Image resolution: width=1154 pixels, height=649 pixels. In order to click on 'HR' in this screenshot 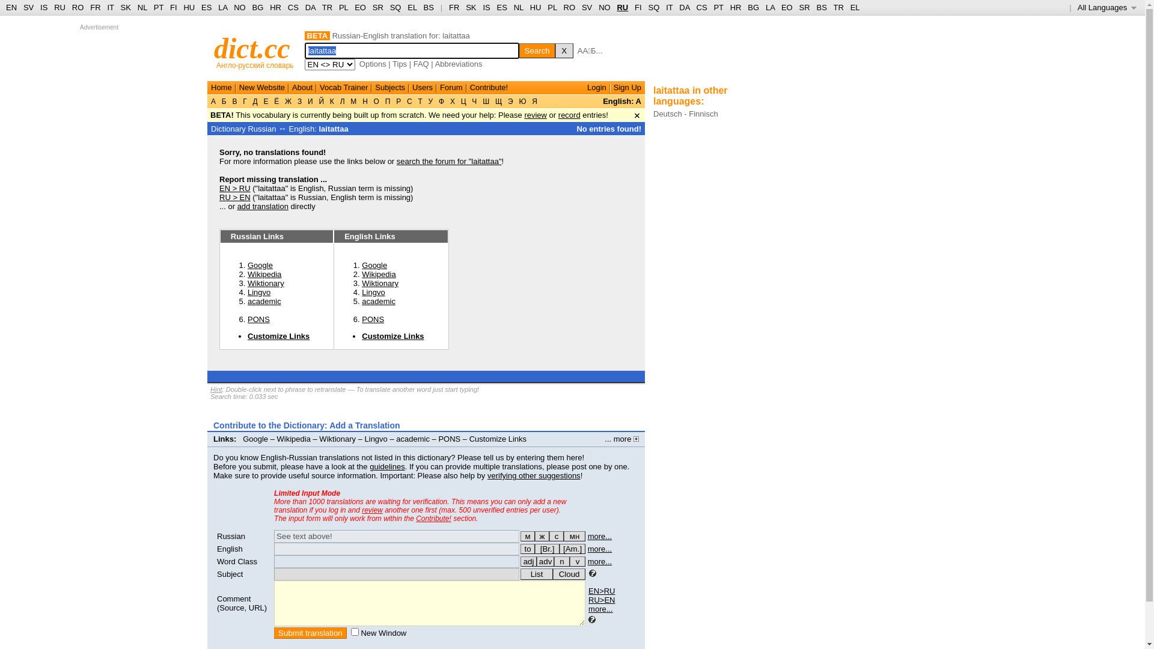, I will do `click(735, 7)`.